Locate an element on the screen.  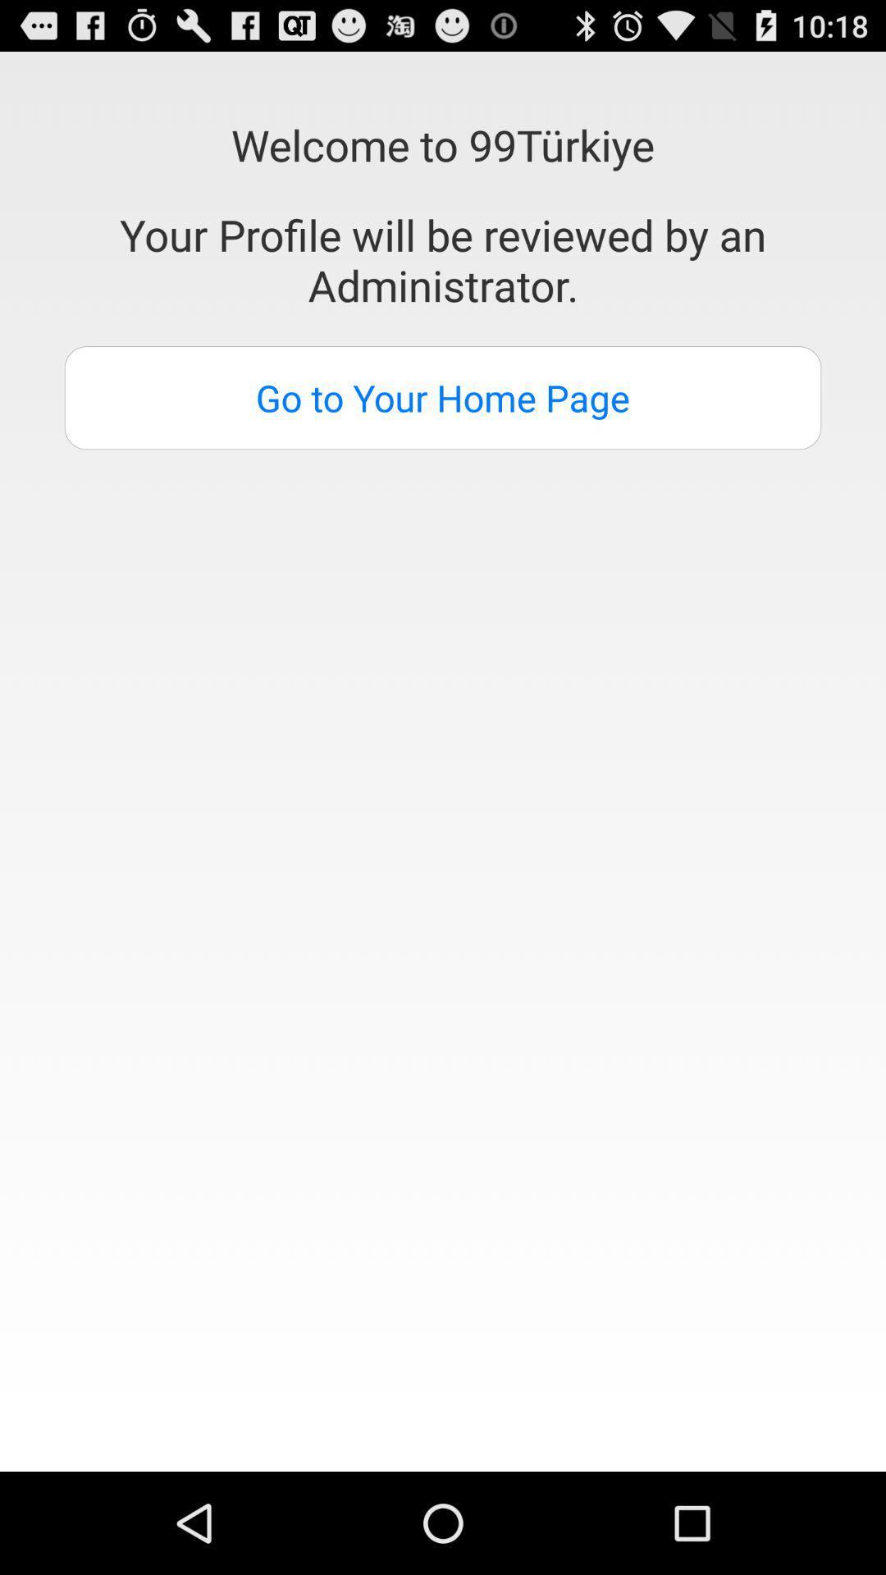
the go to your button is located at coordinates (443, 398).